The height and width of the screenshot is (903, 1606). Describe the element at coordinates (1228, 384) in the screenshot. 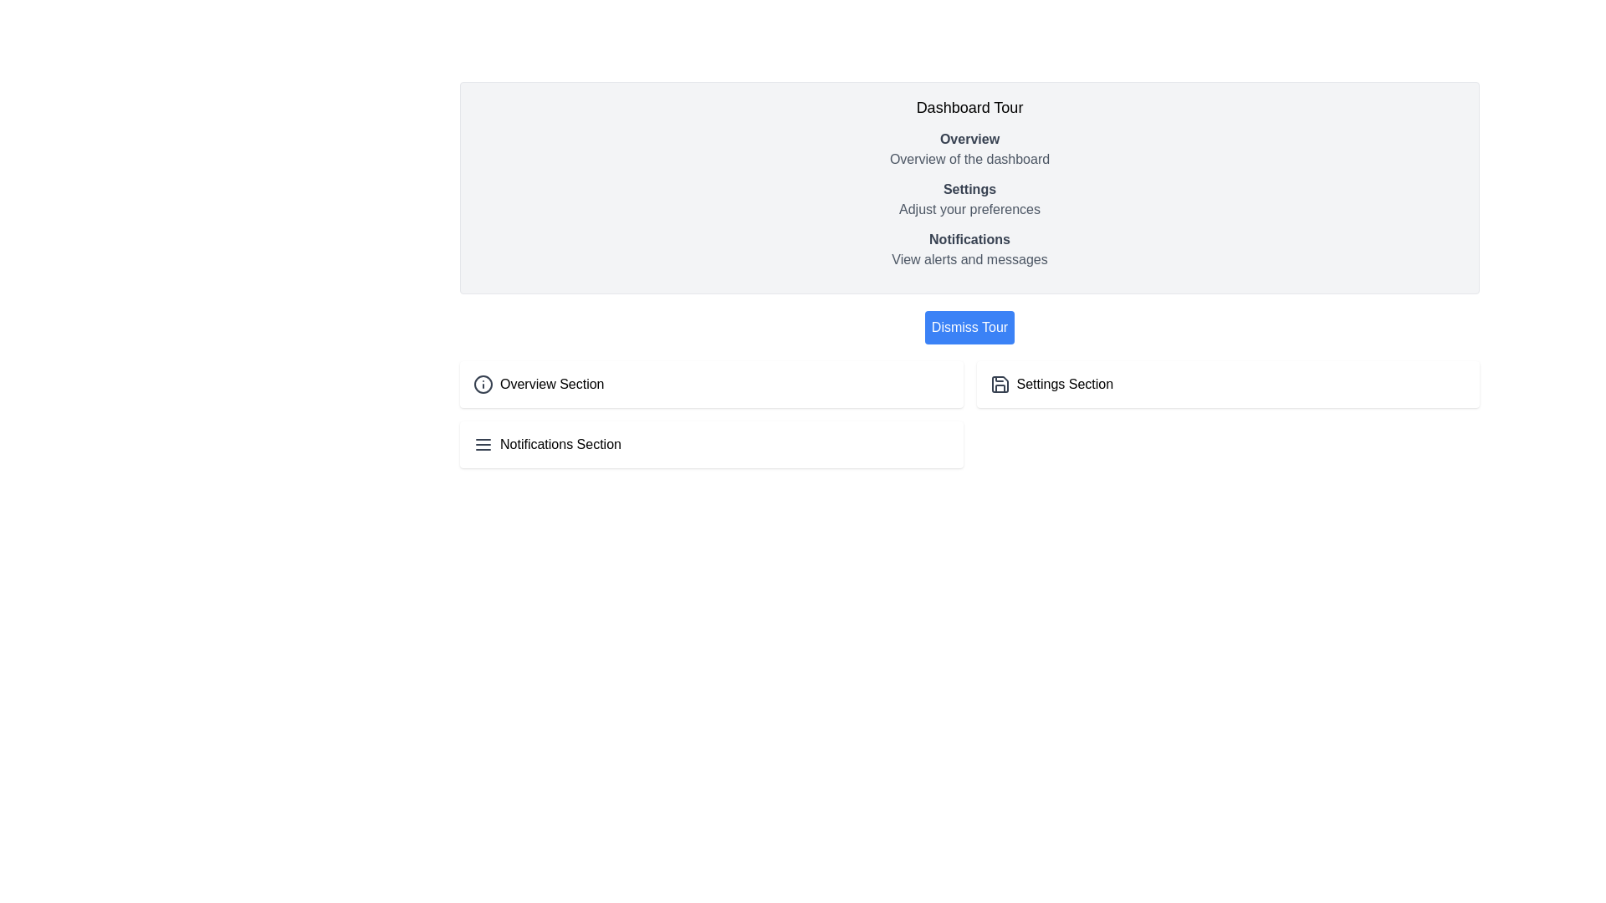

I see `the 'Settings Section' card located in the second column of the dashboard interface` at that location.